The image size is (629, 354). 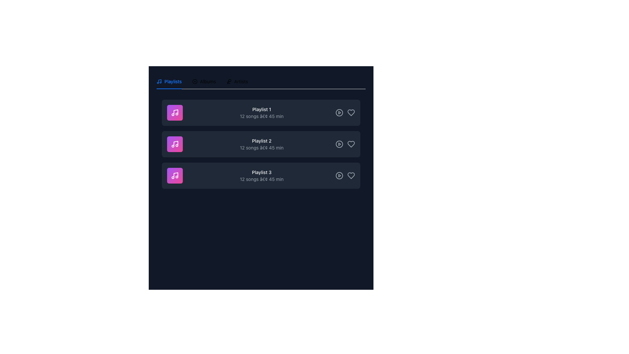 What do you see at coordinates (351, 112) in the screenshot?
I see `the heart icon button representing 'like' or 'favorite' functionality` at bounding box center [351, 112].